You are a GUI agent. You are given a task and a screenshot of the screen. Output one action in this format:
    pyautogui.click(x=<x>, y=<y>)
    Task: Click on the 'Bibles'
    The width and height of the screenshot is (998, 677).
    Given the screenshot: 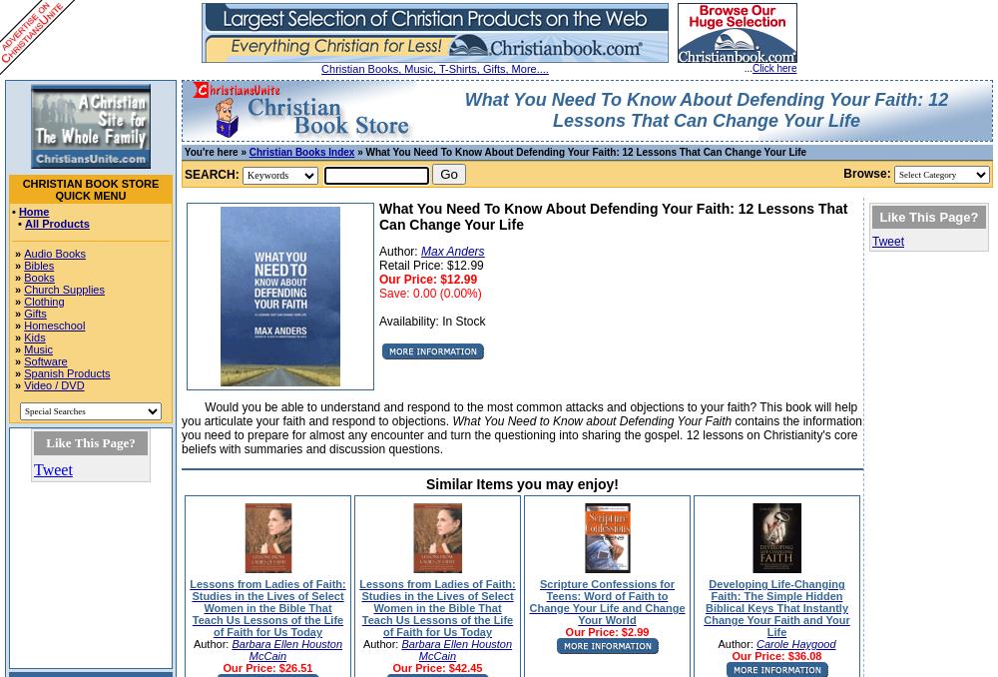 What is the action you would take?
    pyautogui.click(x=39, y=264)
    